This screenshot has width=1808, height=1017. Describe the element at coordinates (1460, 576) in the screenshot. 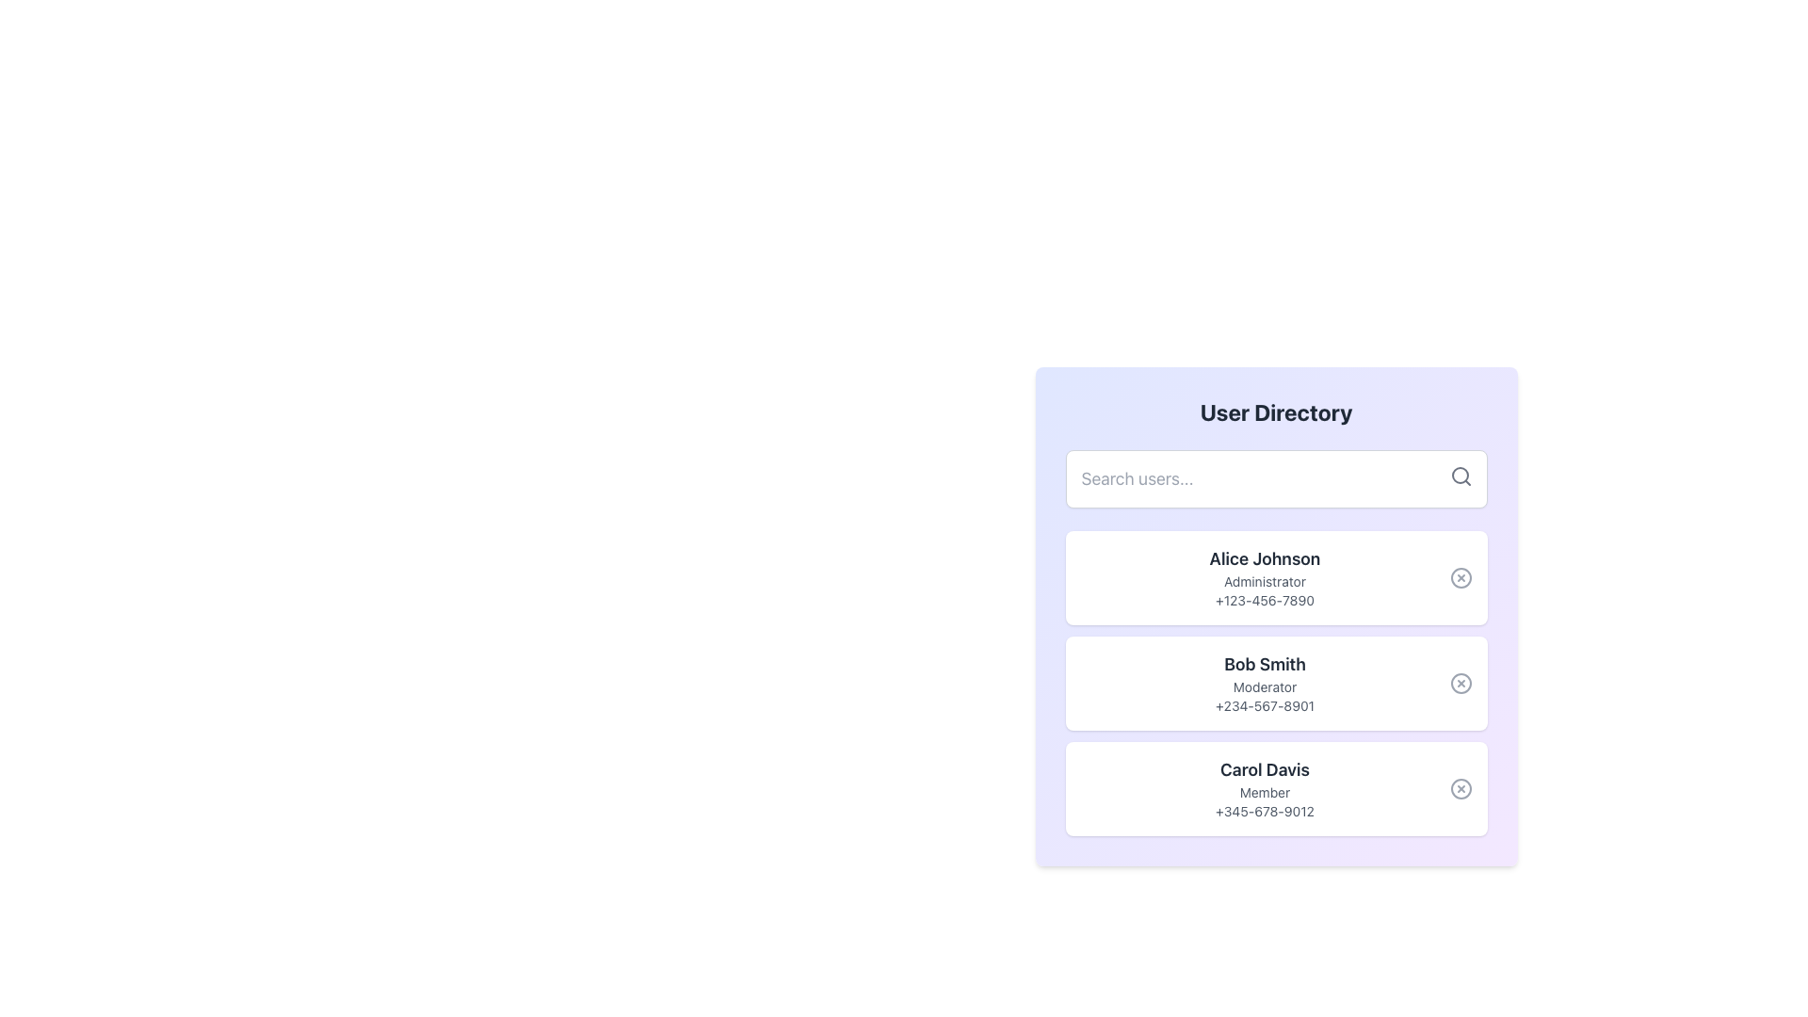

I see `the circular icon with a cross mark next to 'Alice Johnson' in the user directory interface to initiate the remove action` at that location.